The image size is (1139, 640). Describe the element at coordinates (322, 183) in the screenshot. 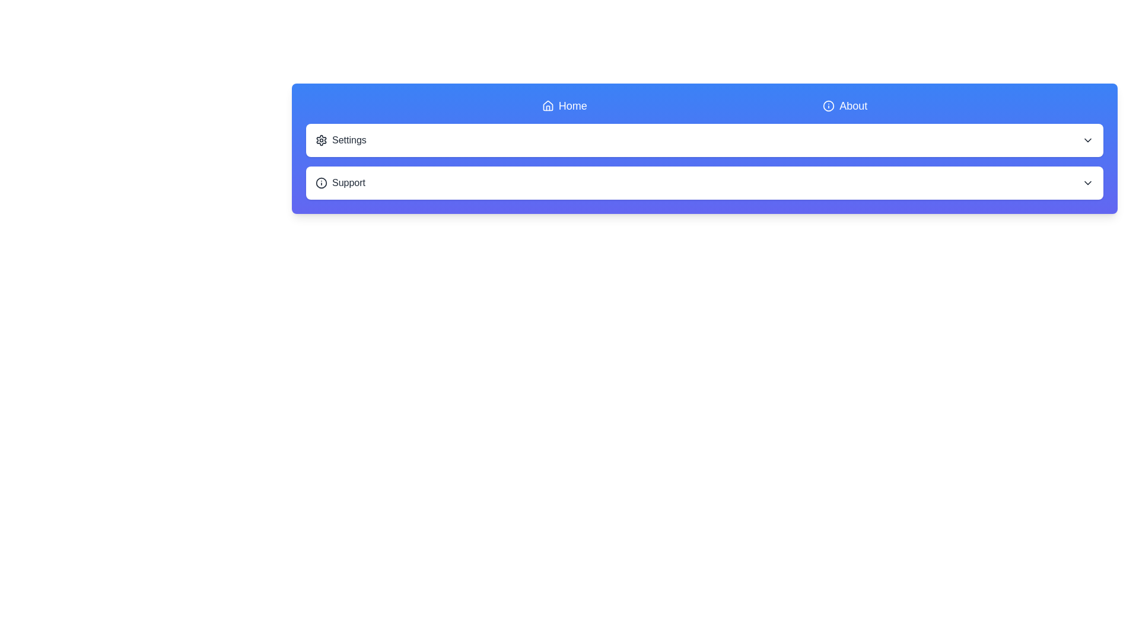

I see `the small circular information icon located to the left of the 'Support' text` at that location.